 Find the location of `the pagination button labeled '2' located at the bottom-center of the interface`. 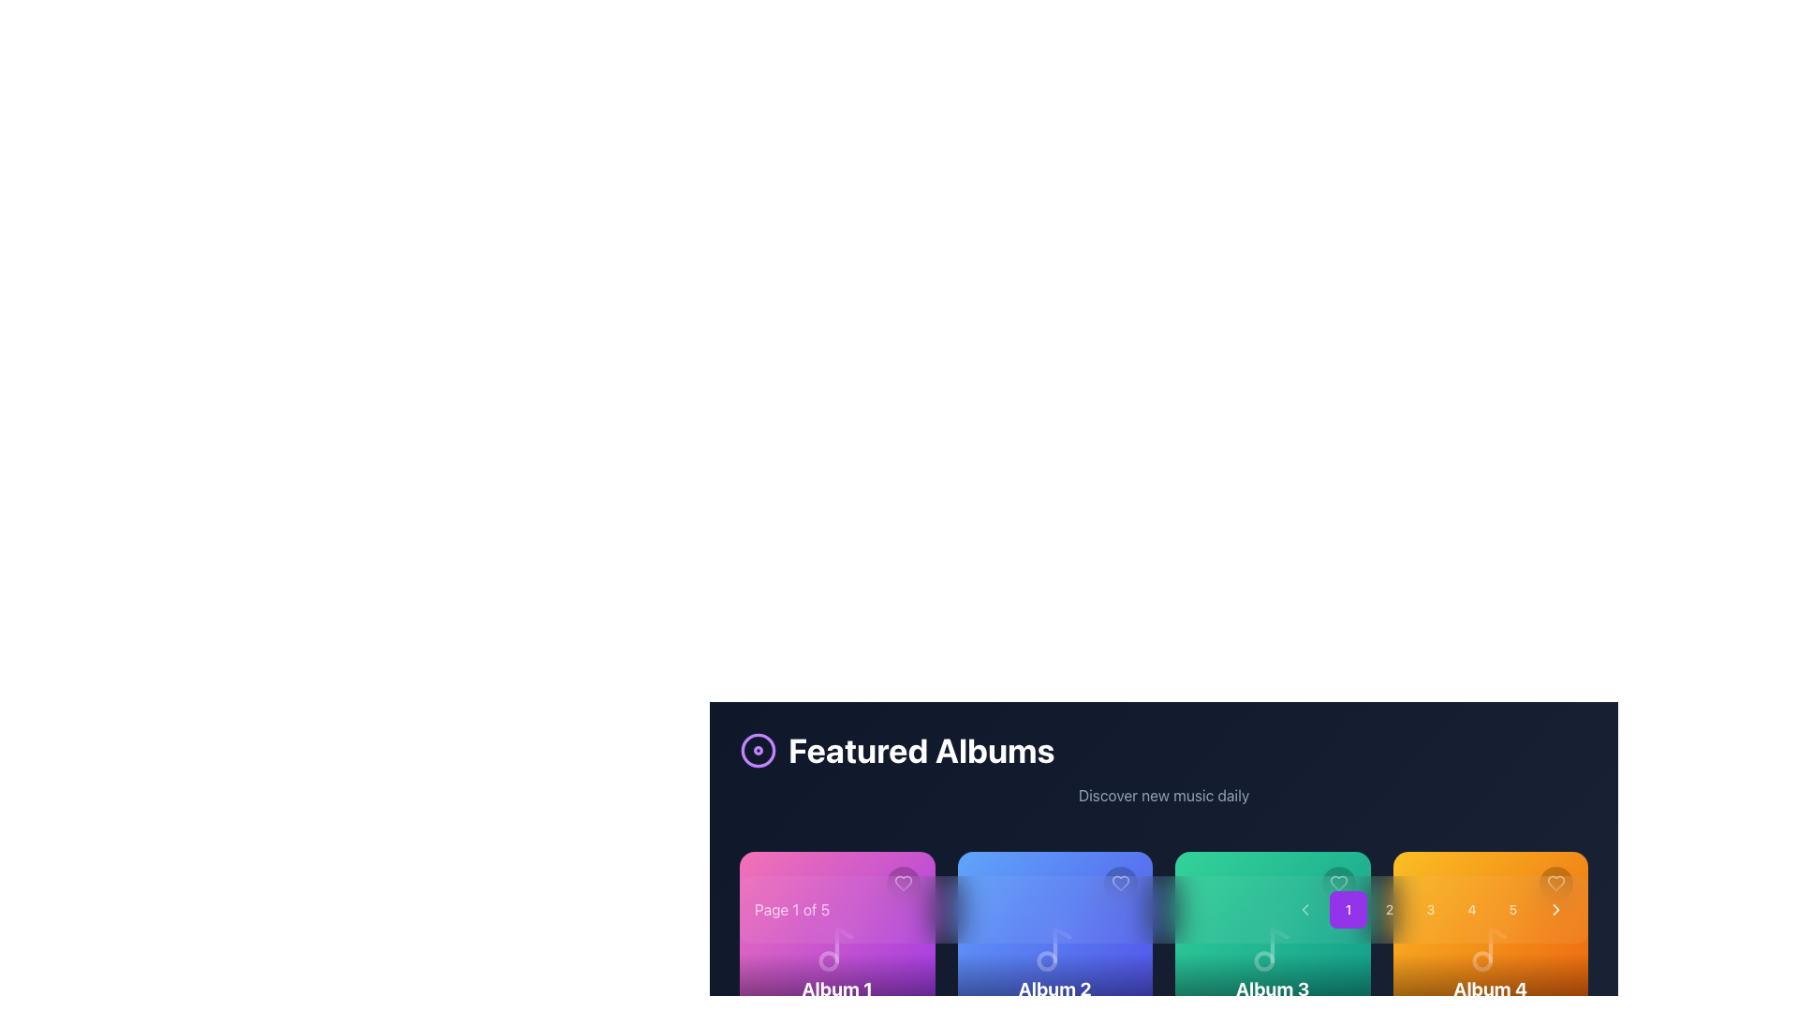

the pagination button labeled '2' located at the bottom-center of the interface is located at coordinates (1389, 909).